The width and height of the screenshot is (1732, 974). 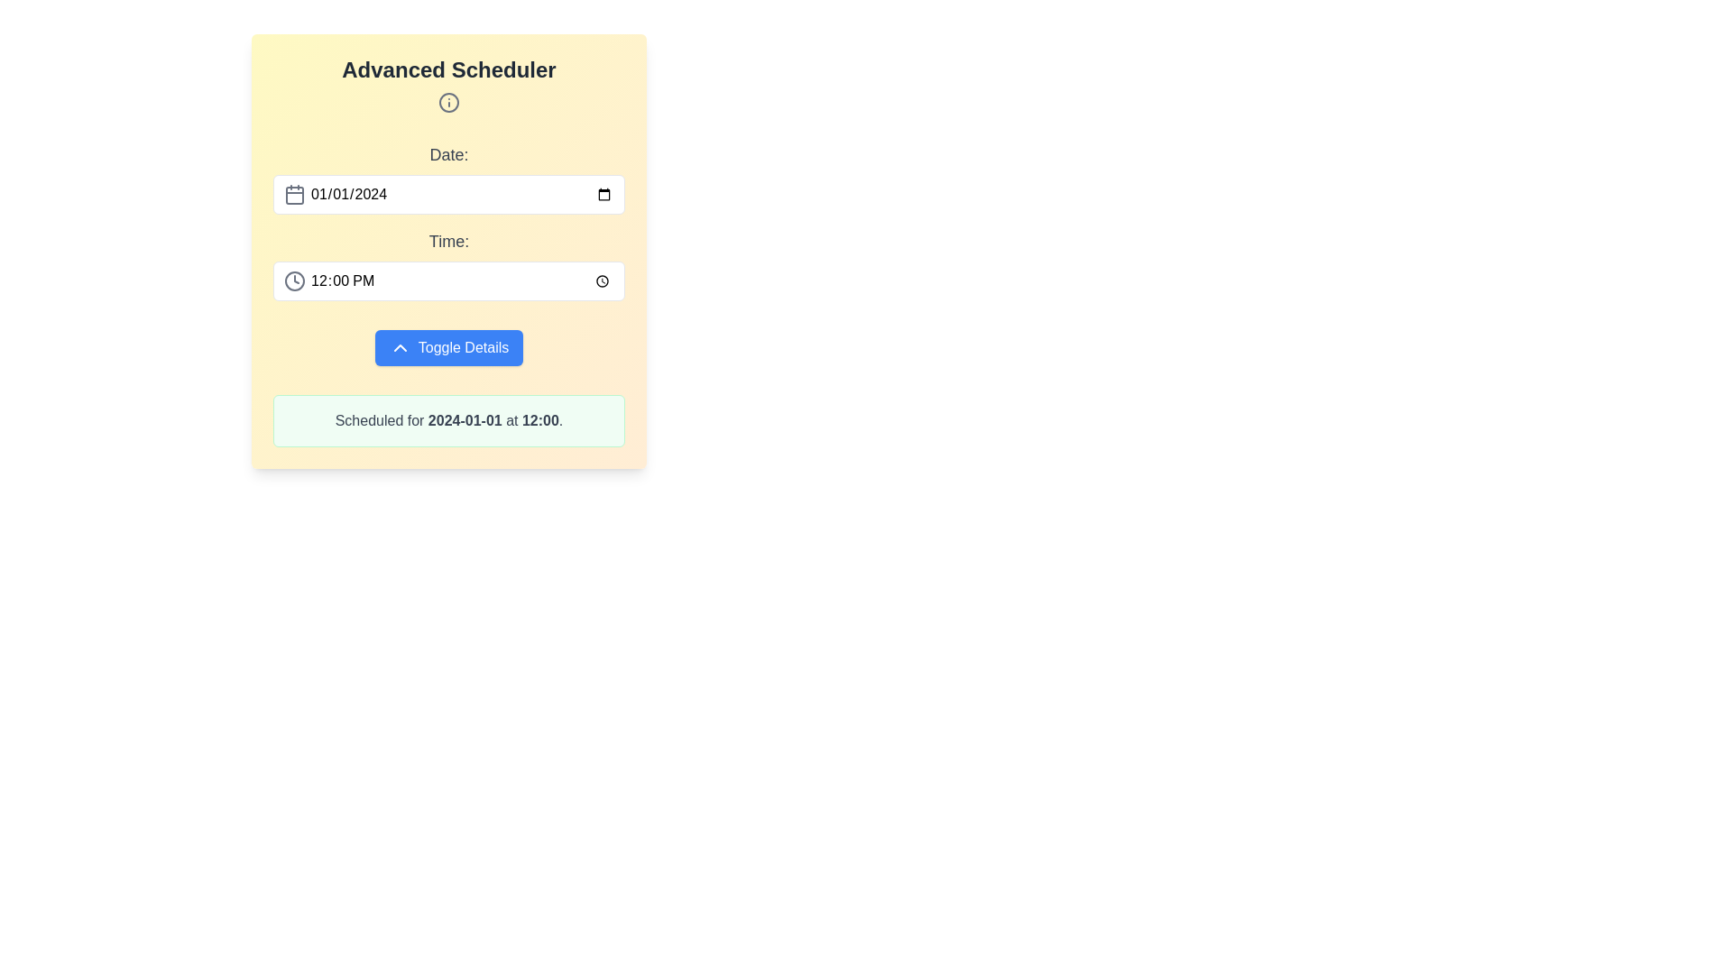 What do you see at coordinates (399, 347) in the screenshot?
I see `the chevron up icon located inside the blue button labeled 'Toggle Details'` at bounding box center [399, 347].